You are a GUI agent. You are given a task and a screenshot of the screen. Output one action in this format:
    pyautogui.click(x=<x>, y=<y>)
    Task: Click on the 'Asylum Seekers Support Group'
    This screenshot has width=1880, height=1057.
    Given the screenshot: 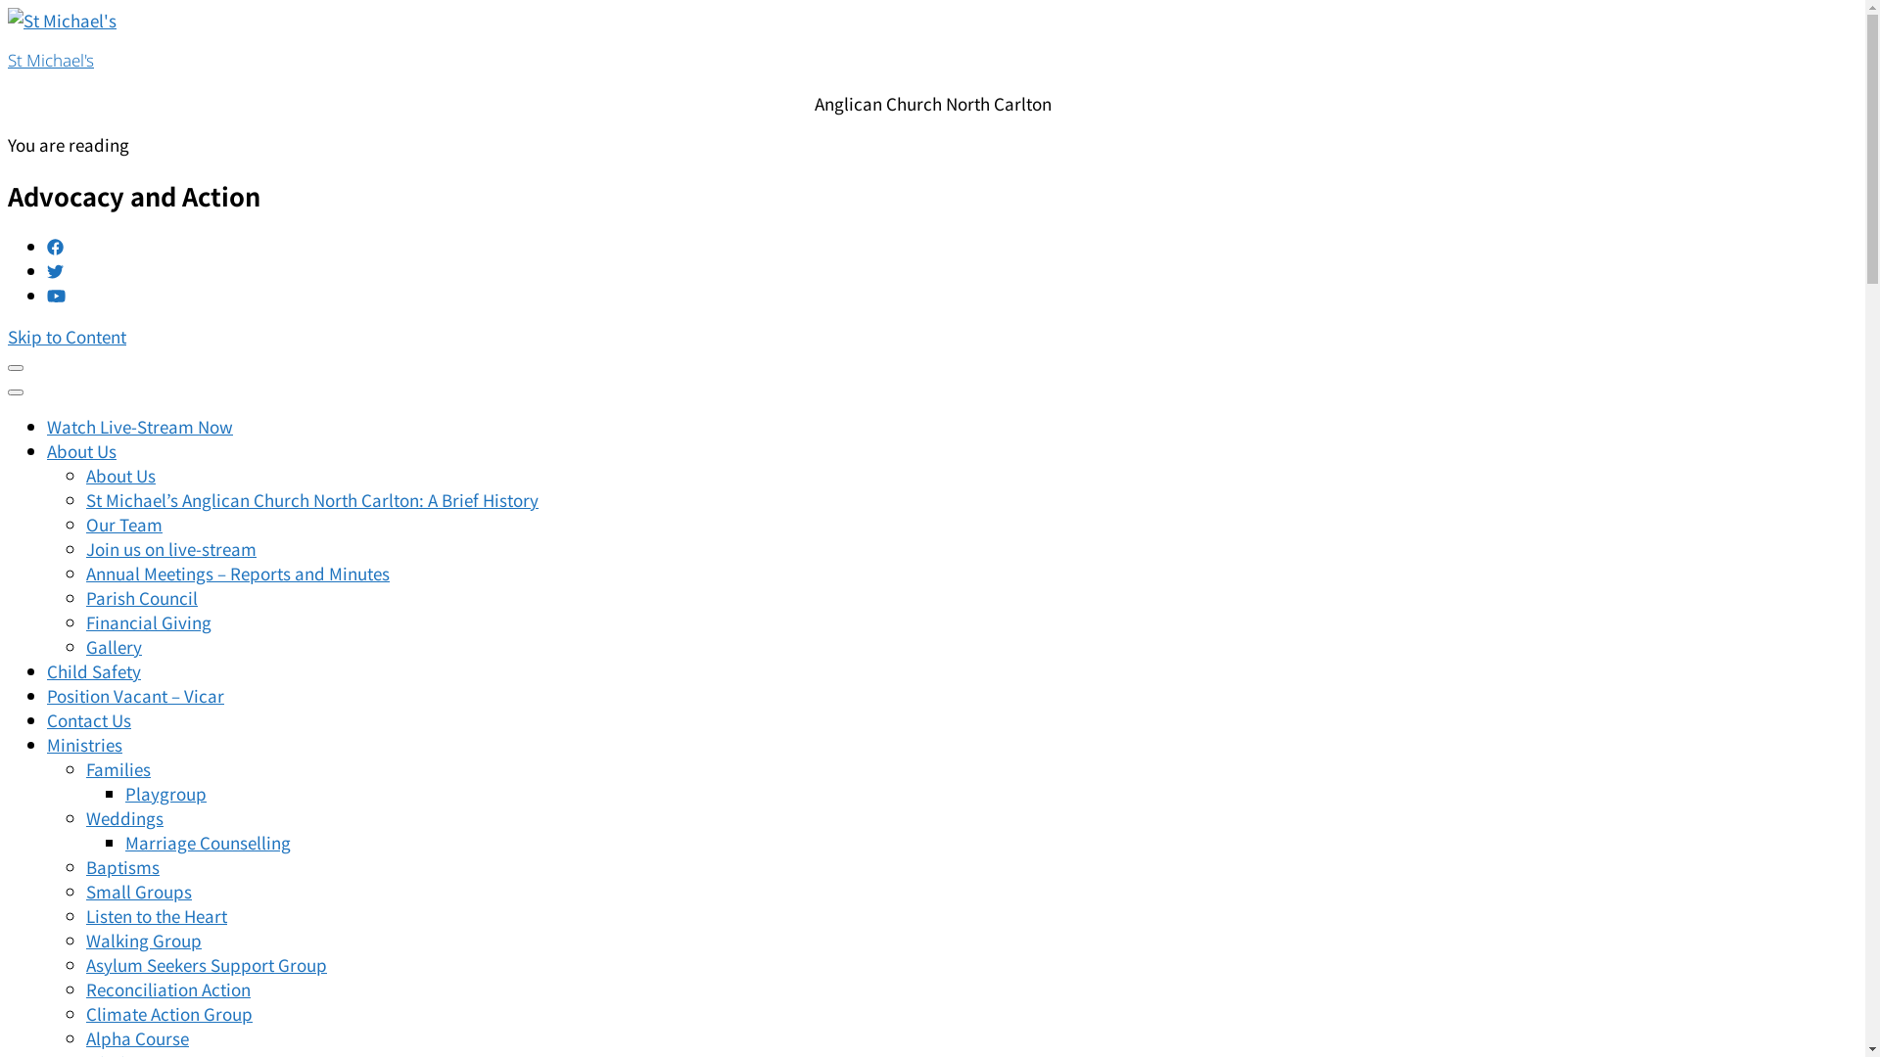 What is the action you would take?
    pyautogui.click(x=207, y=963)
    